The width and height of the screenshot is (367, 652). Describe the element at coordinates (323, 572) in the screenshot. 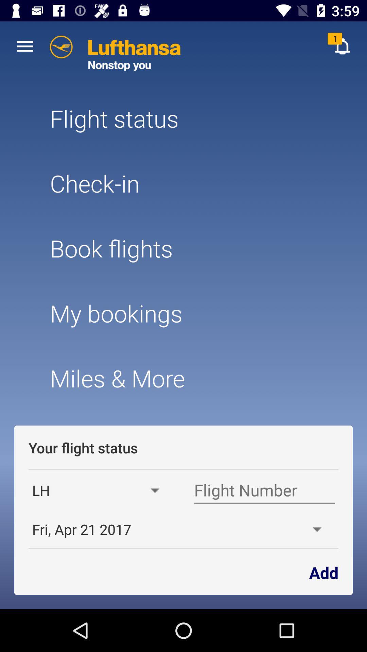

I see `app next to the fri apr 21` at that location.